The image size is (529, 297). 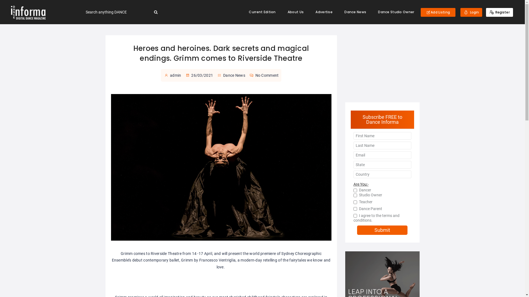 What do you see at coordinates (396, 12) in the screenshot?
I see `'Dance Studio Owner'` at bounding box center [396, 12].